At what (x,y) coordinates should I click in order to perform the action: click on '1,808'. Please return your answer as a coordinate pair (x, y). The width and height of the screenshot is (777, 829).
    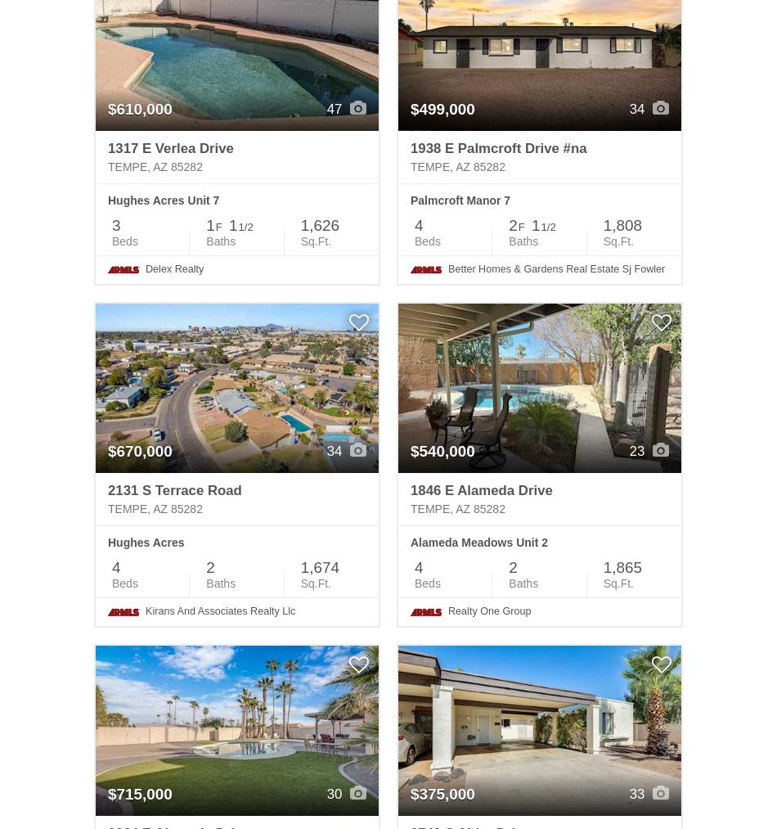
    Looking at the image, I should click on (621, 224).